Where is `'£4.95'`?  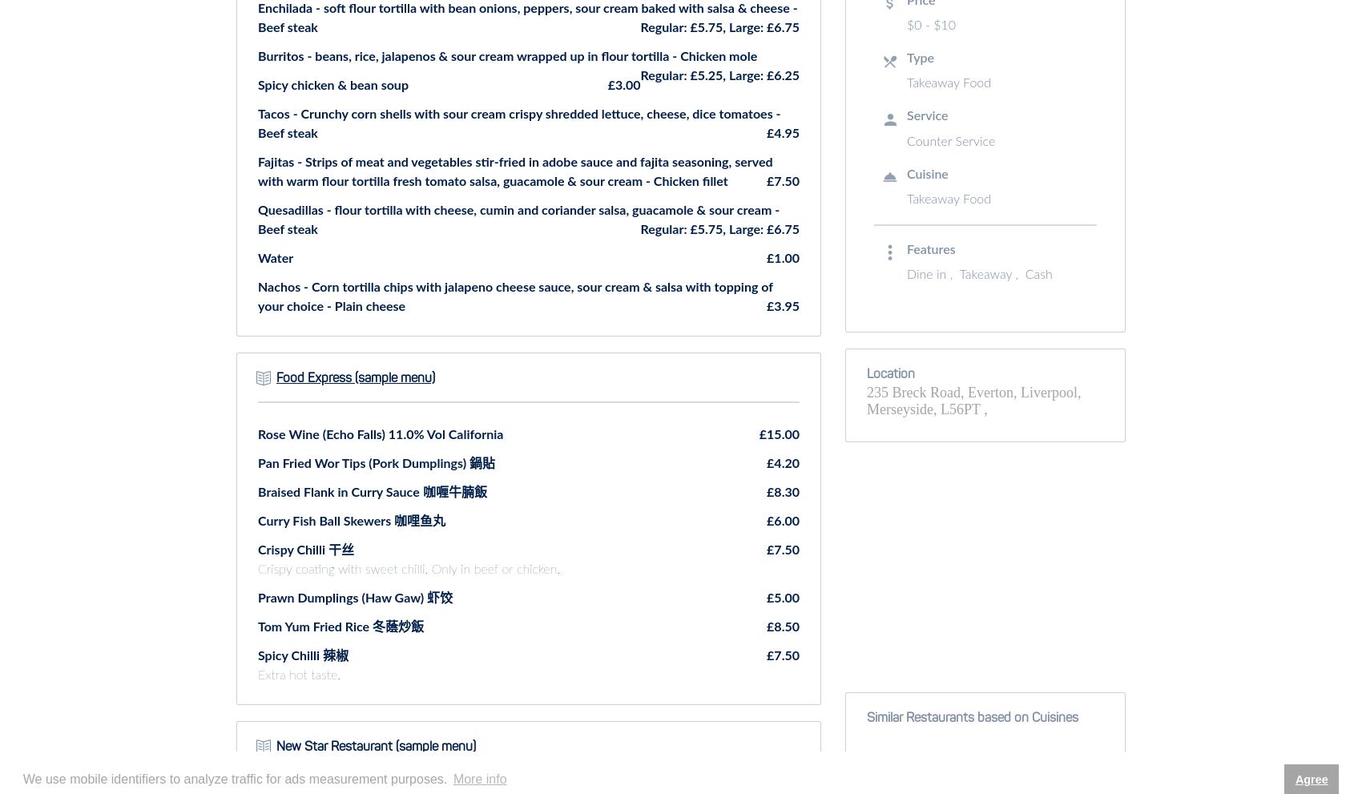 '£4.95' is located at coordinates (782, 132).